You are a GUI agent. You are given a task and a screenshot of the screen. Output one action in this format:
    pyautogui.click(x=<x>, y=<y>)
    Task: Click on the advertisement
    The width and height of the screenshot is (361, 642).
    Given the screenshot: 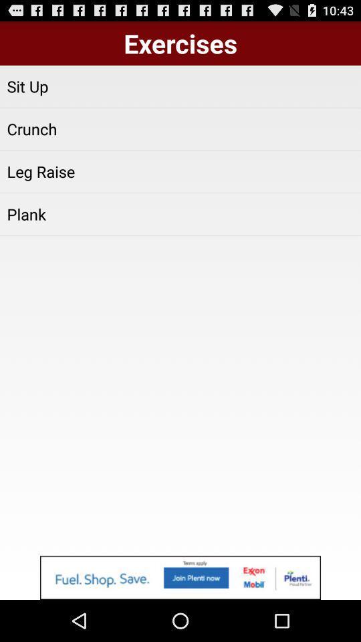 What is the action you would take?
    pyautogui.click(x=180, y=577)
    